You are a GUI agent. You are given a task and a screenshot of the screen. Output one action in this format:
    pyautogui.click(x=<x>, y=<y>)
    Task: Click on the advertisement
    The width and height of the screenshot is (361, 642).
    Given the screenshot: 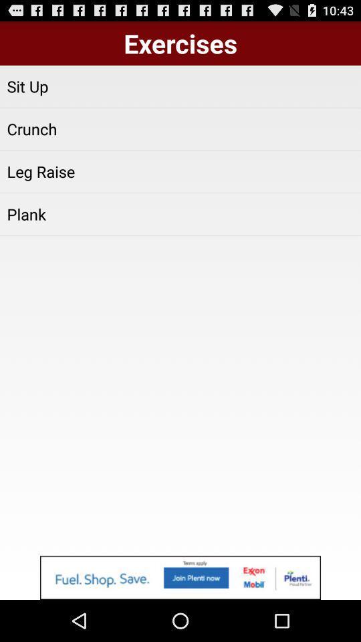 What is the action you would take?
    pyautogui.click(x=180, y=577)
    